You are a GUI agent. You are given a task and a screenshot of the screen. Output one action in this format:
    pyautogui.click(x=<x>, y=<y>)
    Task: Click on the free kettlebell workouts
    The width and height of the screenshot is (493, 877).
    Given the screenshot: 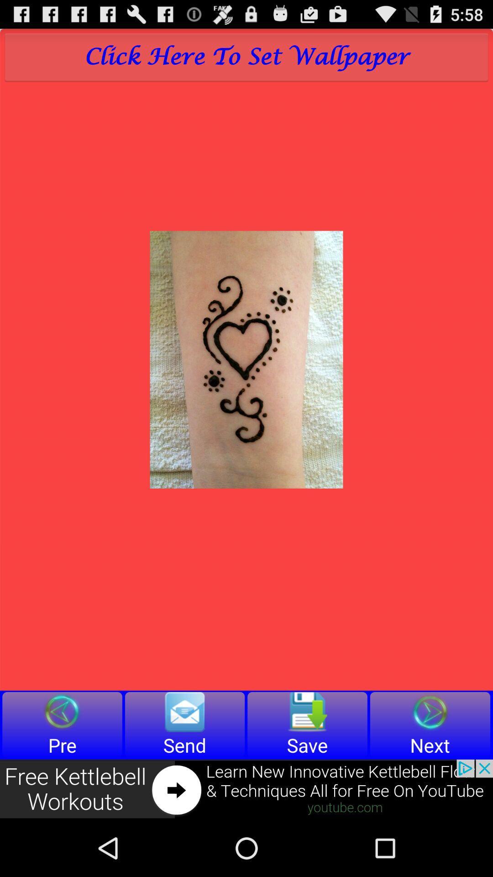 What is the action you would take?
    pyautogui.click(x=246, y=789)
    